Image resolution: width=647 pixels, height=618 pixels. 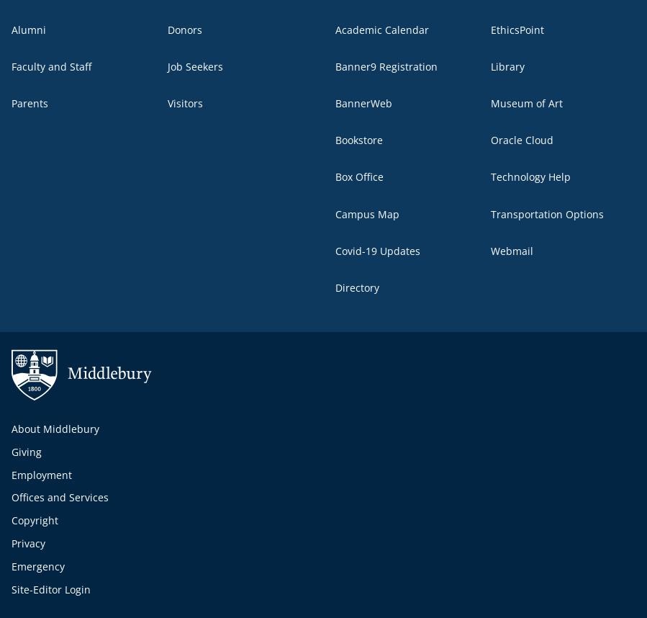 I want to click on 'Campus Map', so click(x=366, y=213).